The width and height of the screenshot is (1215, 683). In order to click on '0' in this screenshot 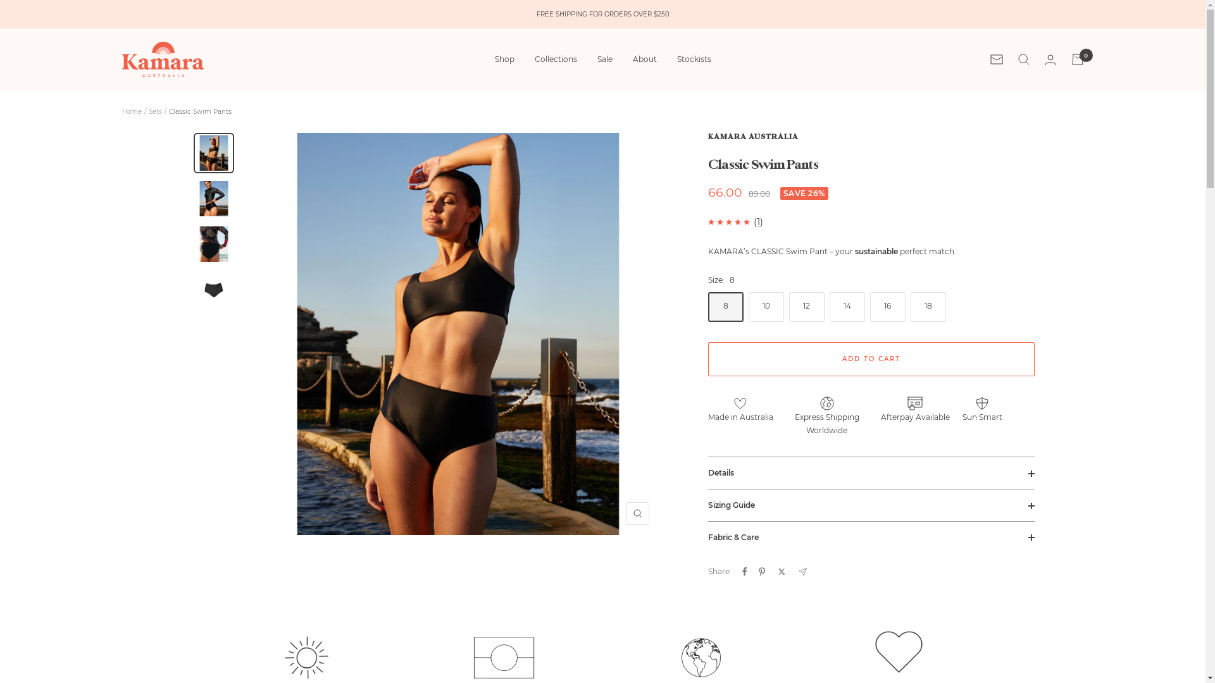, I will do `click(1076, 59)`.